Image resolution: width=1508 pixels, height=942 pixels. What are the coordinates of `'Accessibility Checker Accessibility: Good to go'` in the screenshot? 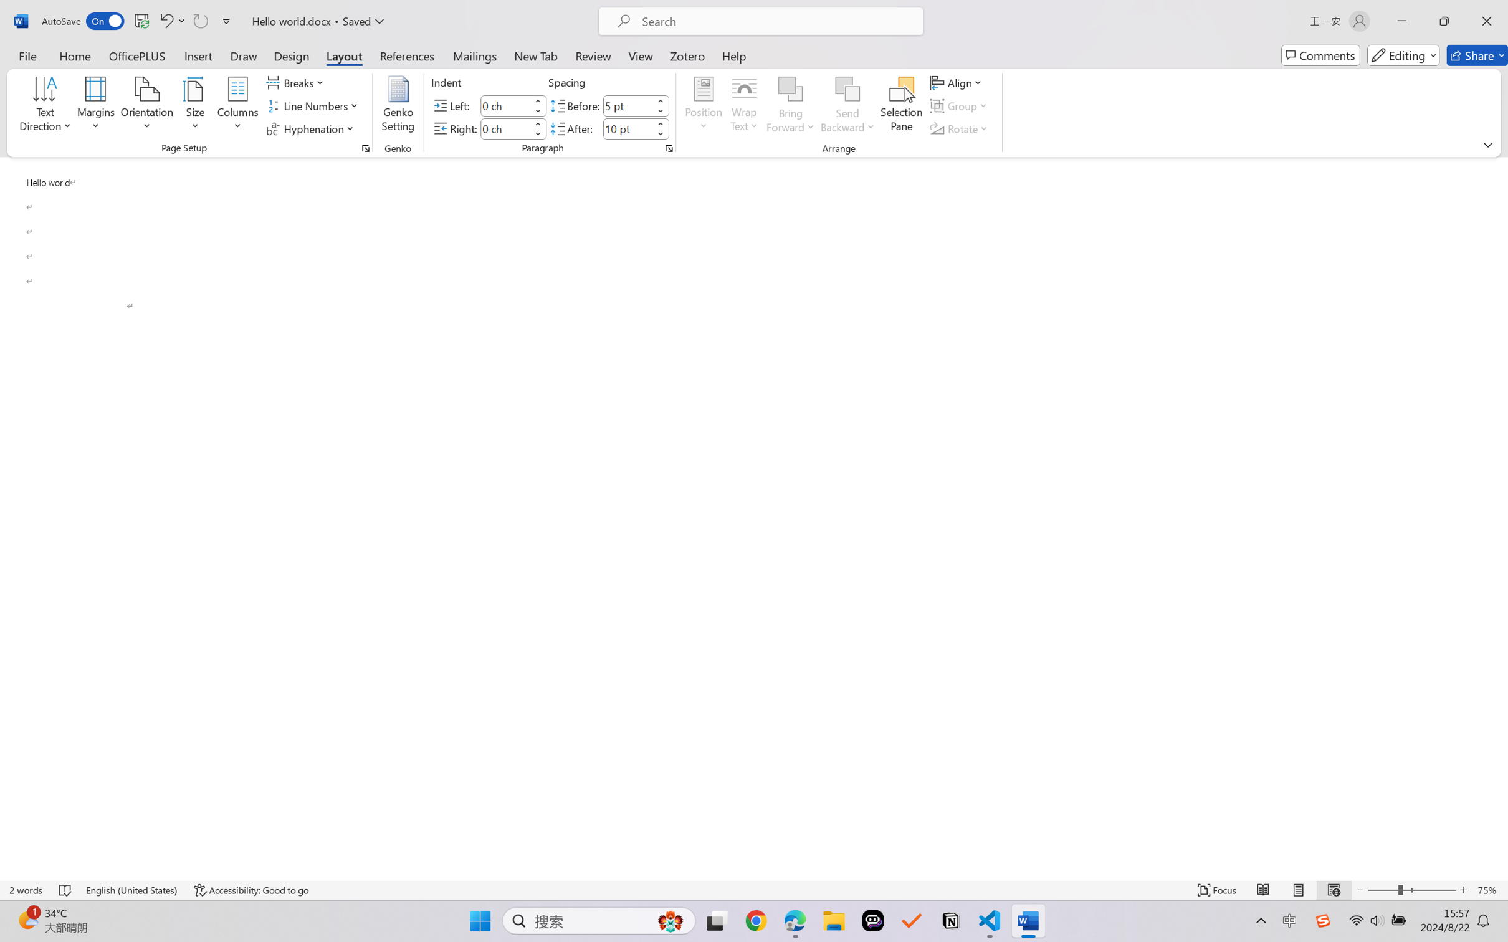 It's located at (251, 890).